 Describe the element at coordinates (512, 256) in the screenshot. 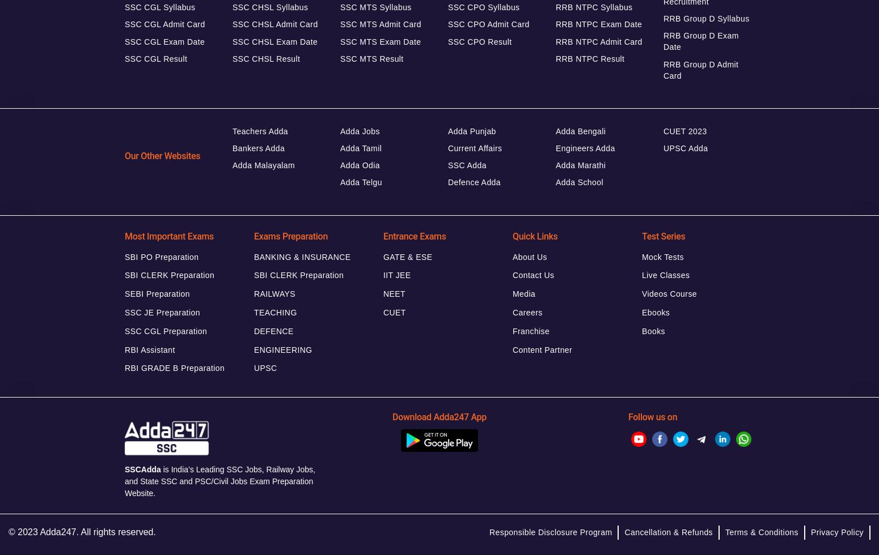

I see `'About Us'` at that location.